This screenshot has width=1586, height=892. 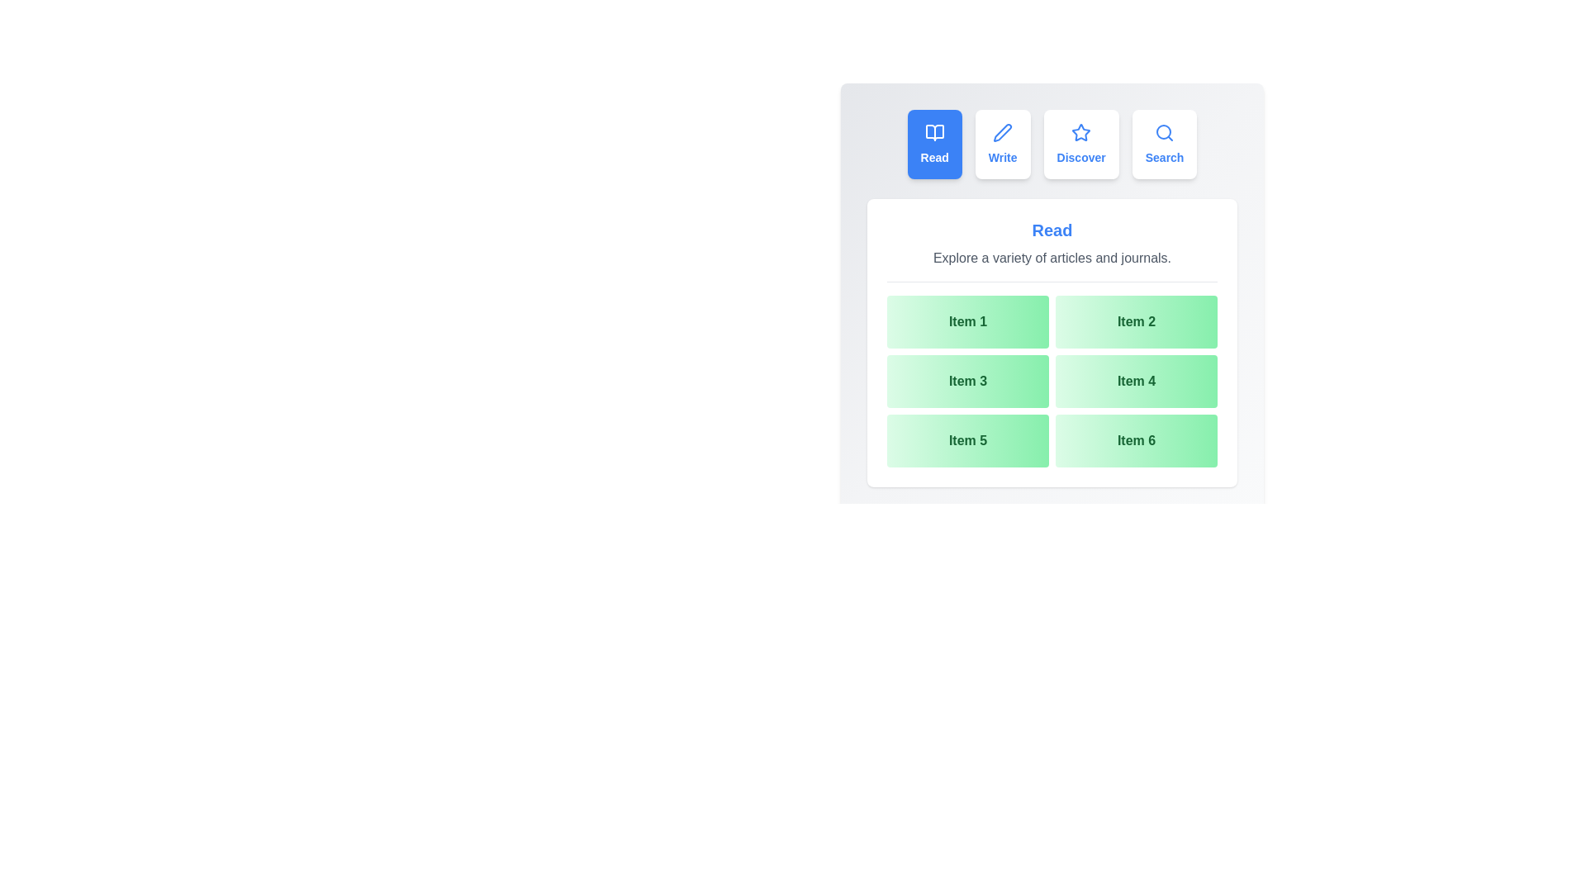 I want to click on the tab labeled Write to preview its hover effect, so click(x=1002, y=143).